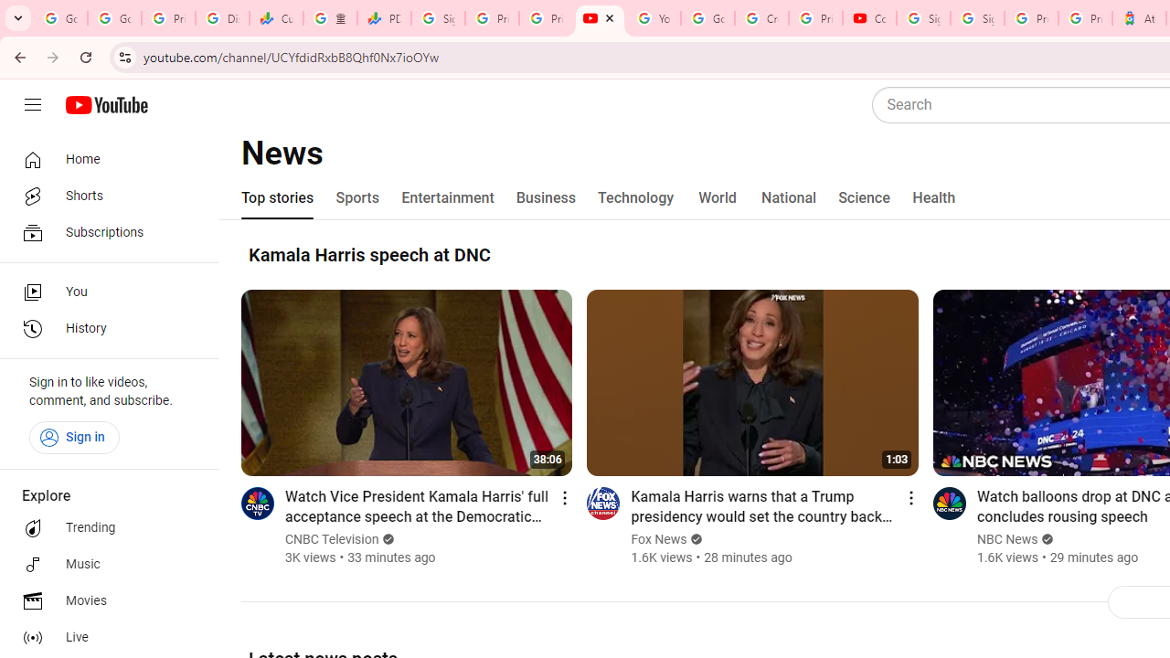  Describe the element at coordinates (102, 231) in the screenshot. I see `'Subscriptions'` at that location.